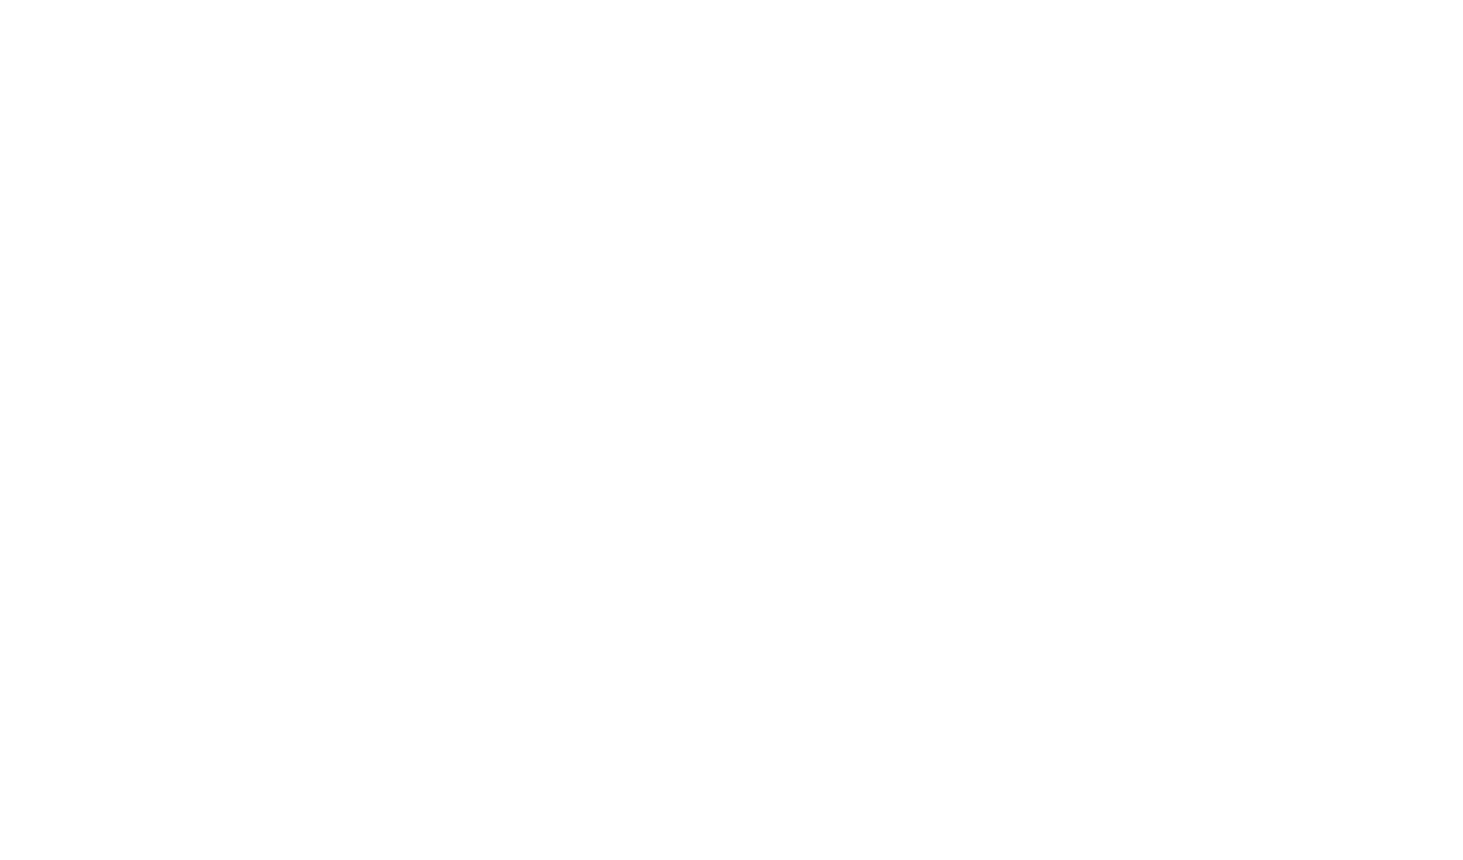  Describe the element at coordinates (369, 694) in the screenshot. I see `'. For large families, we offer magnificent family rooms and suites. Take advantage of the calm and comfort of our rooms to offer you real restful nights. All the rooms of our'` at that location.